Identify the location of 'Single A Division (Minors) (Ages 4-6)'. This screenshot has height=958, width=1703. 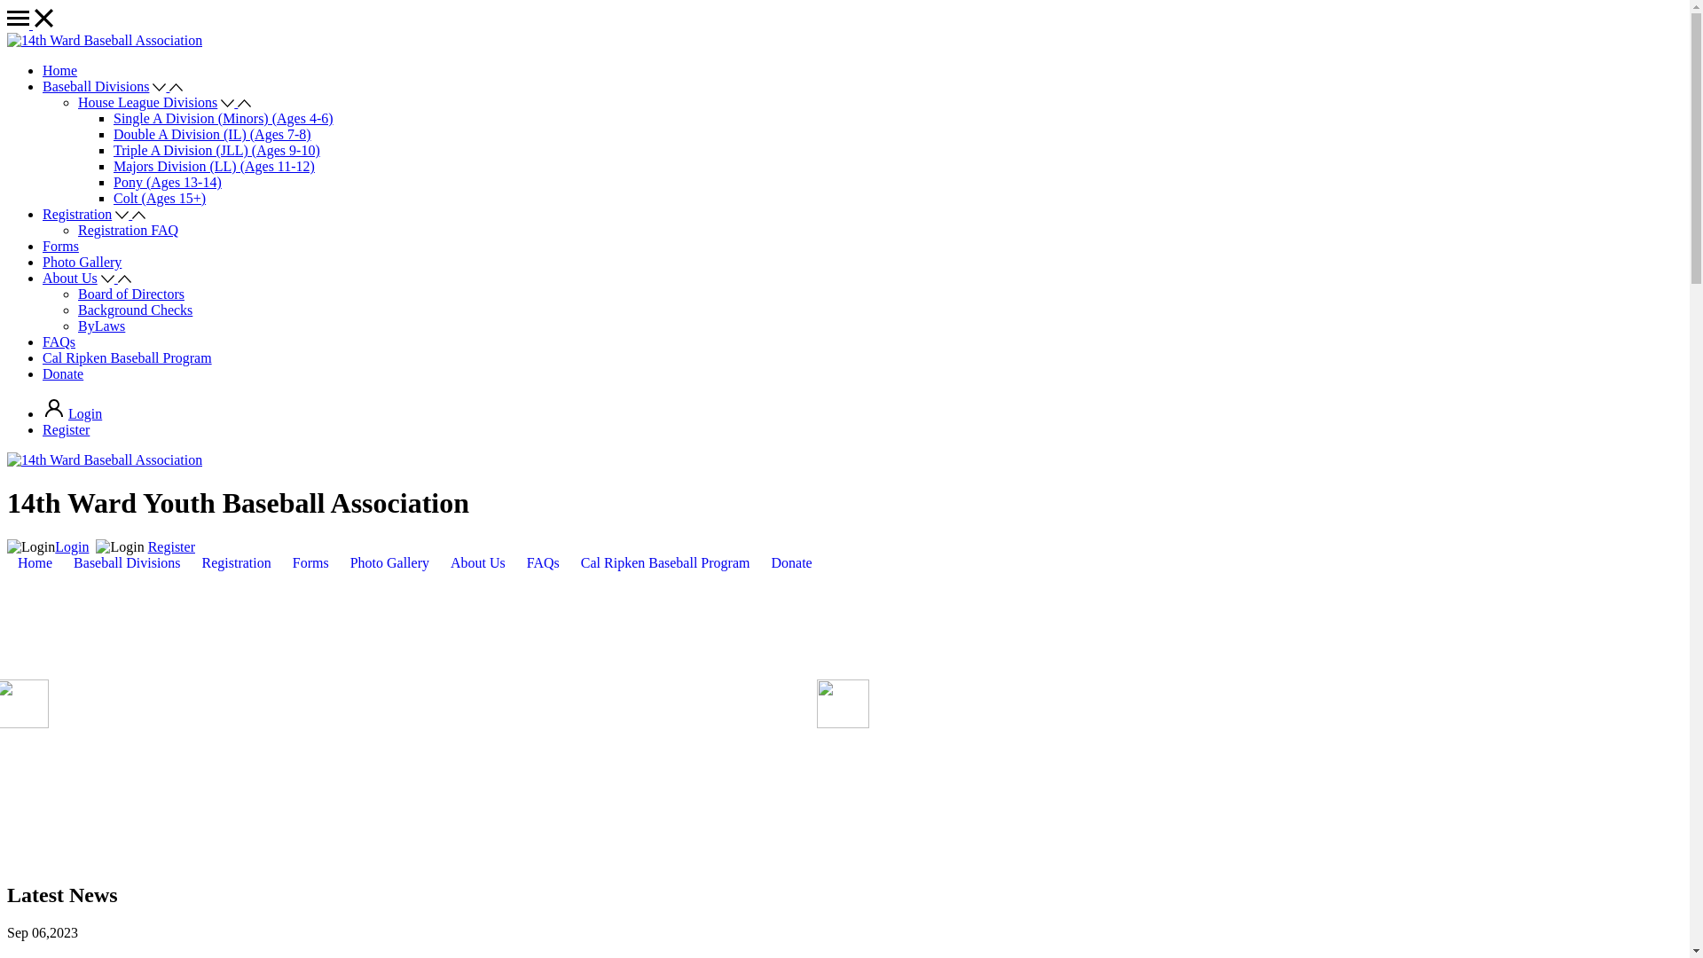
(223, 118).